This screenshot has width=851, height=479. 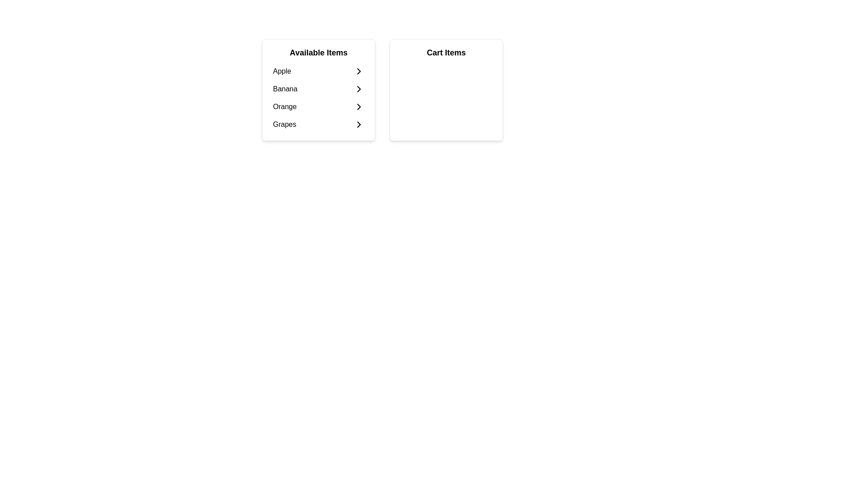 I want to click on the right arrow SVG icon next to the 'Apple' item, so click(x=359, y=71).